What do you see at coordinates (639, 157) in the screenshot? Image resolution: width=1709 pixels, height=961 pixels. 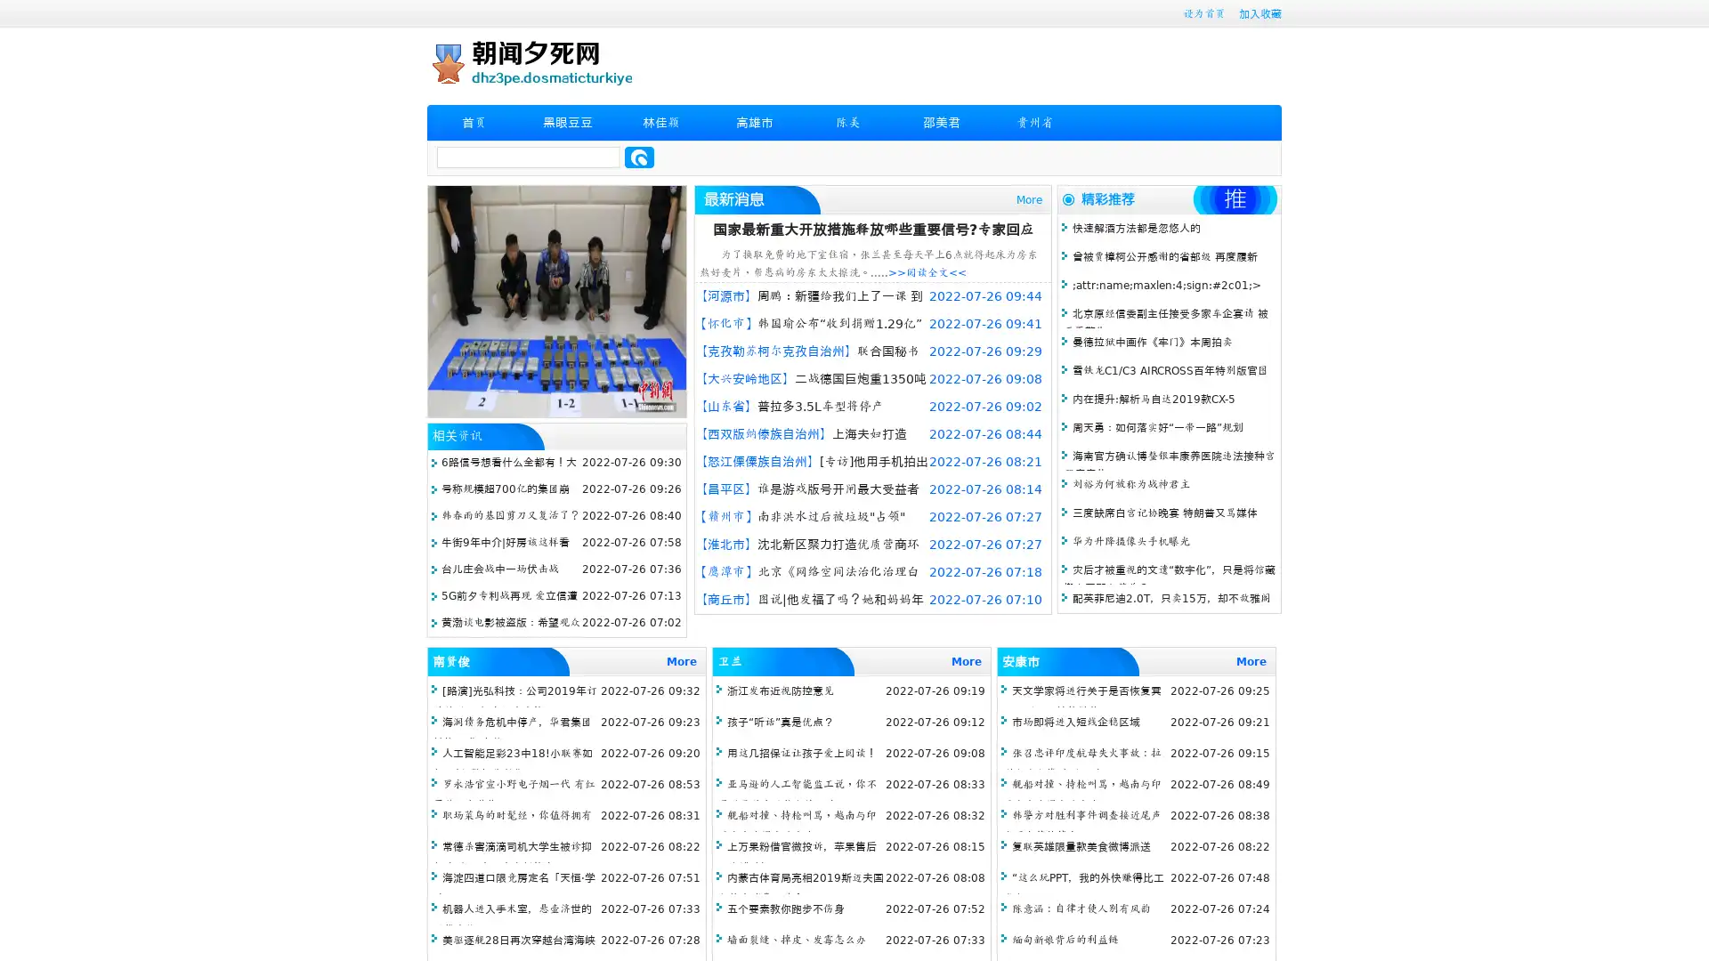 I see `Search` at bounding box center [639, 157].